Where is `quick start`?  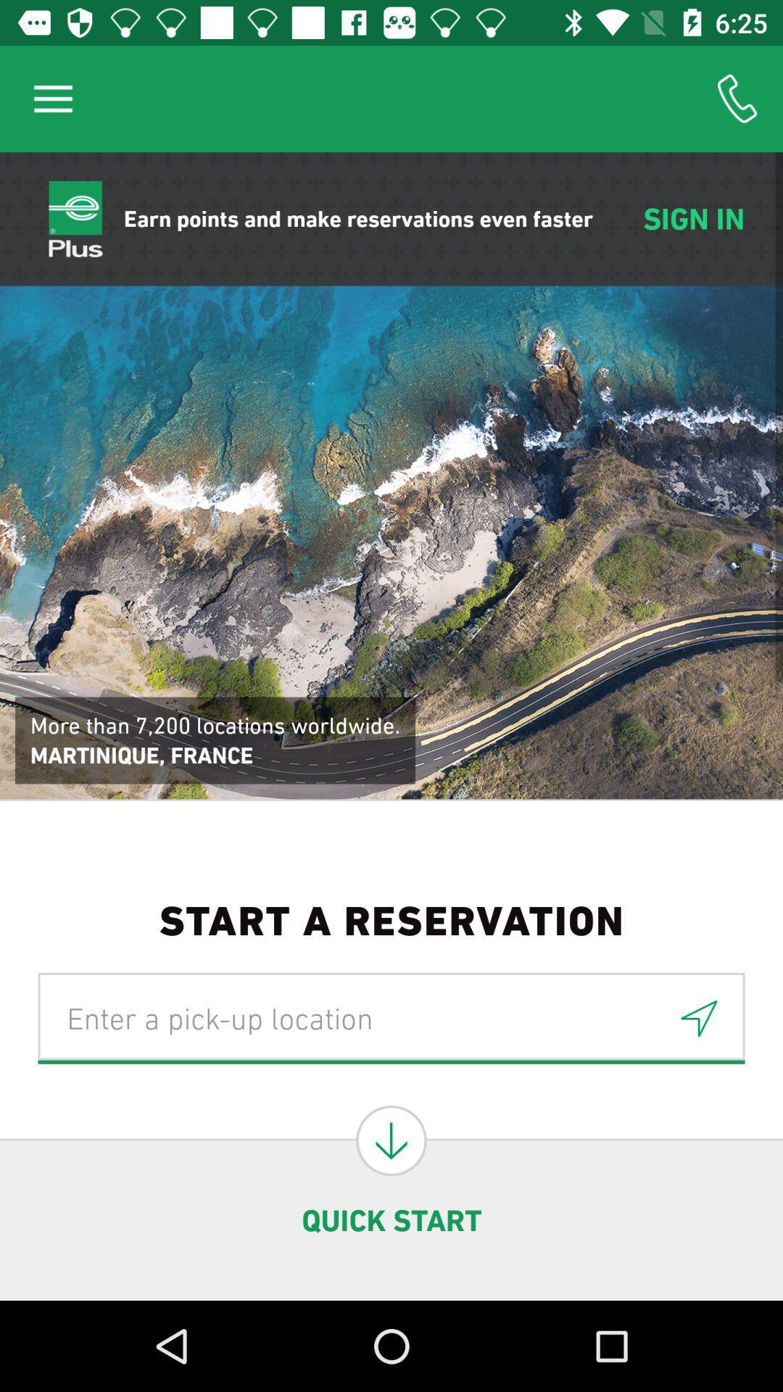 quick start is located at coordinates (391, 1140).